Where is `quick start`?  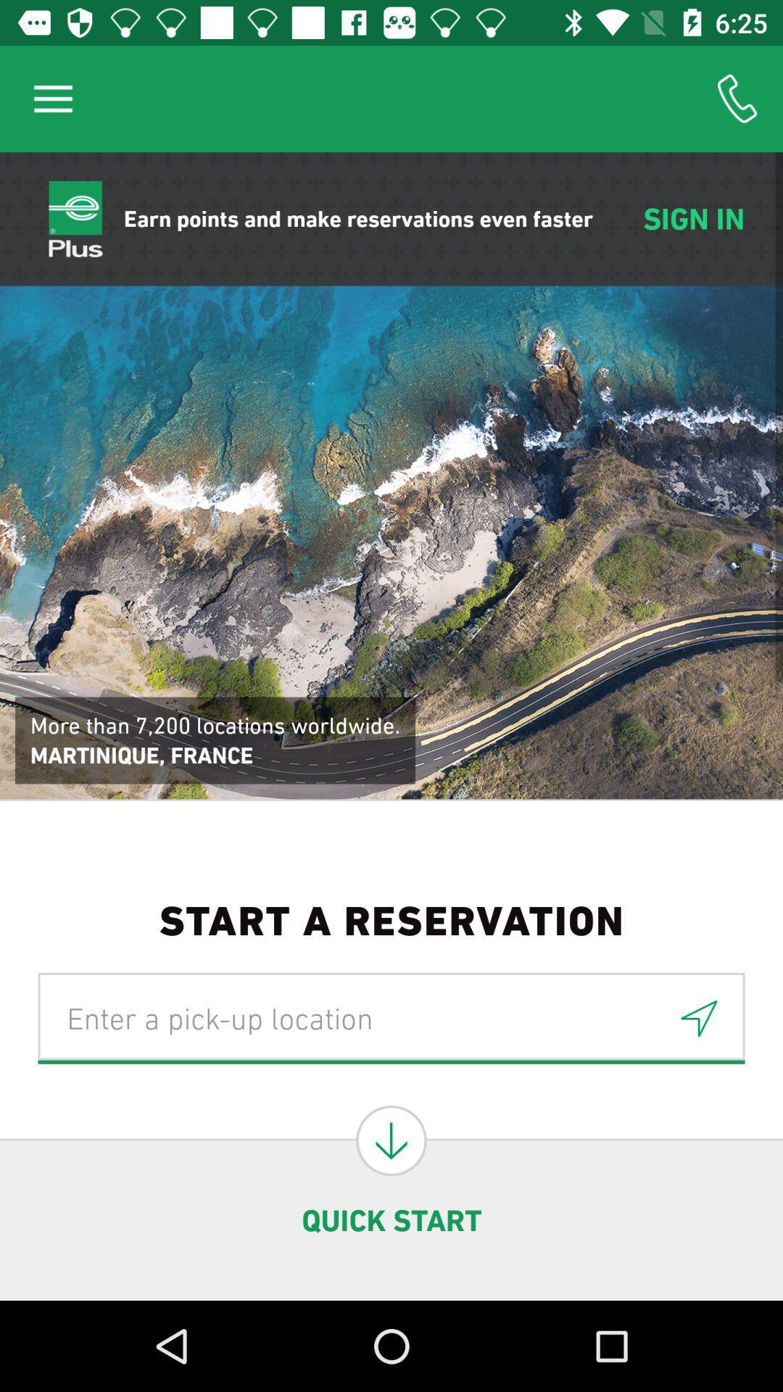 quick start is located at coordinates (391, 1140).